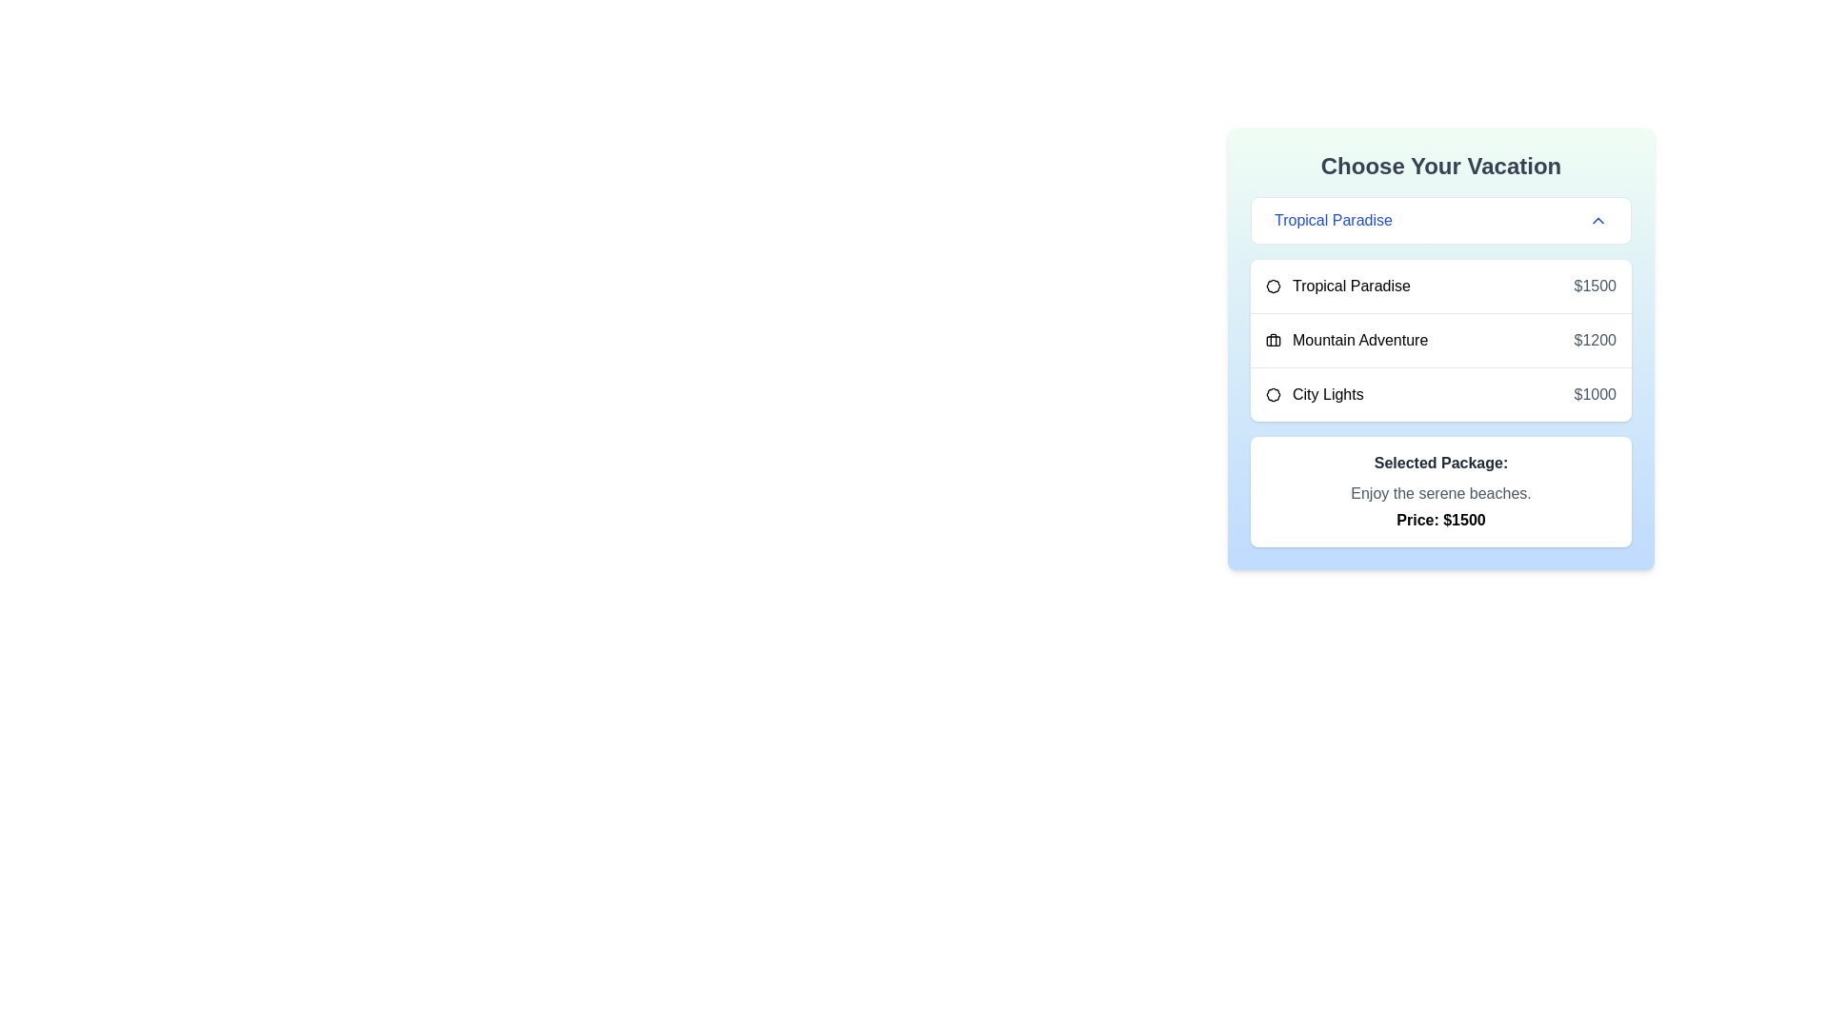 The width and height of the screenshot is (1829, 1028). What do you see at coordinates (1274, 340) in the screenshot?
I see `the rectangular icon with rounded corners resembling a briefcase, which symbolizes the vacation package for 'Mountain Adventure'` at bounding box center [1274, 340].